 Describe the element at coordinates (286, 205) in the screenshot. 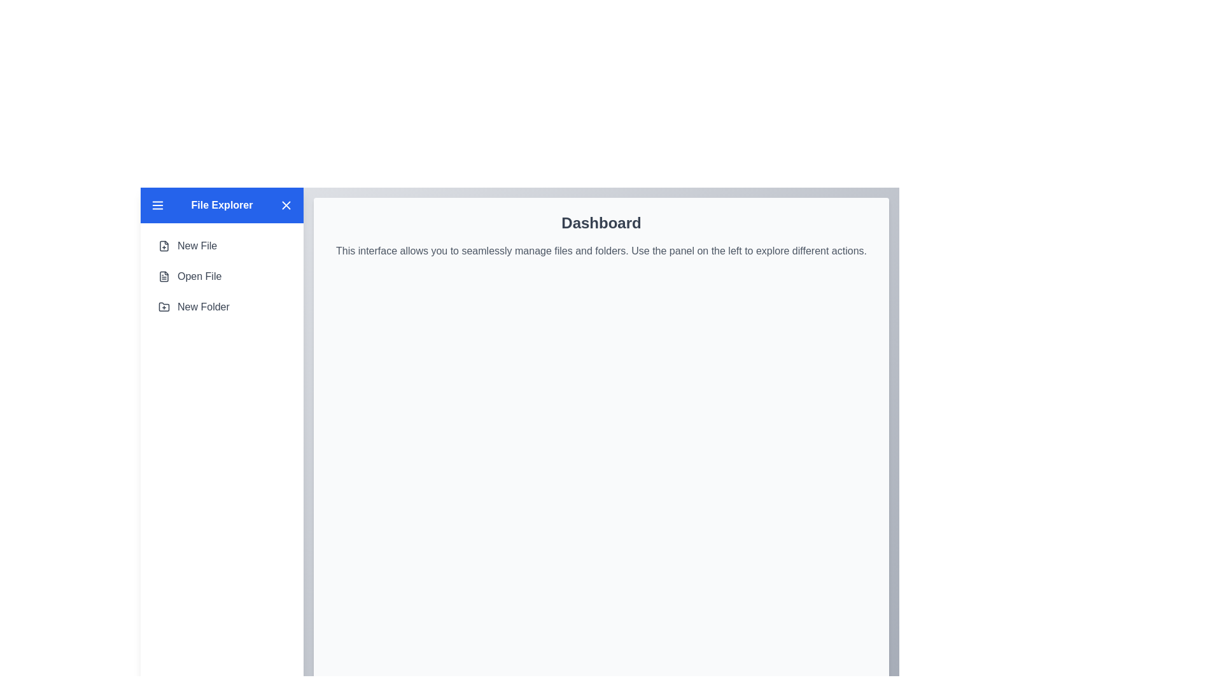

I see `the close button located at the rightmost section of the blue 'File Explorer' header bar` at that location.